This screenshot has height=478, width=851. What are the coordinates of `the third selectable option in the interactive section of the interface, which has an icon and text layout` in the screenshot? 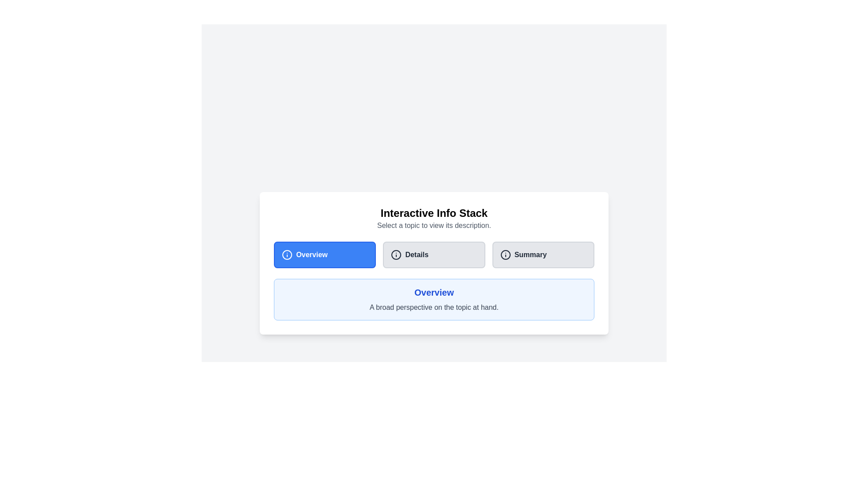 It's located at (543, 254).